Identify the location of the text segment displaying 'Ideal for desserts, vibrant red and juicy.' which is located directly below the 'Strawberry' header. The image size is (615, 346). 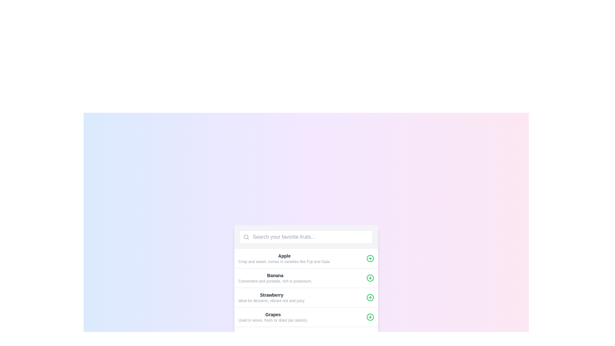
(272, 301).